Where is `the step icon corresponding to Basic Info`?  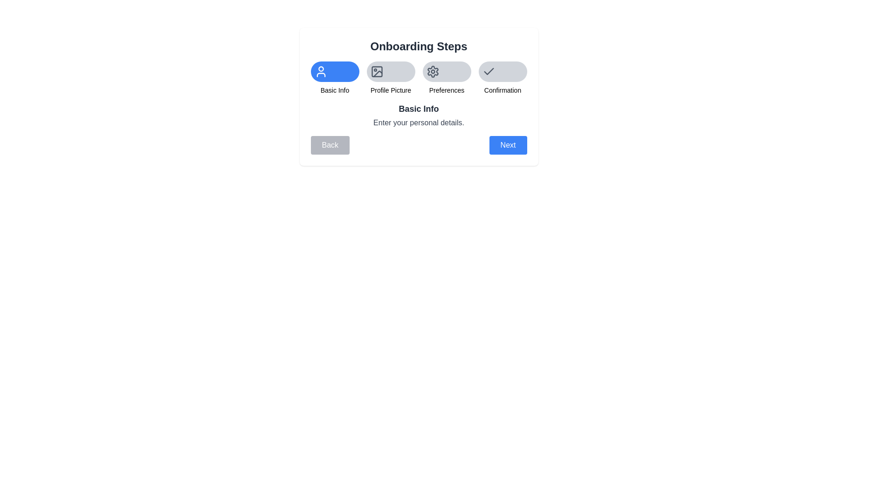 the step icon corresponding to Basic Info is located at coordinates (335, 71).